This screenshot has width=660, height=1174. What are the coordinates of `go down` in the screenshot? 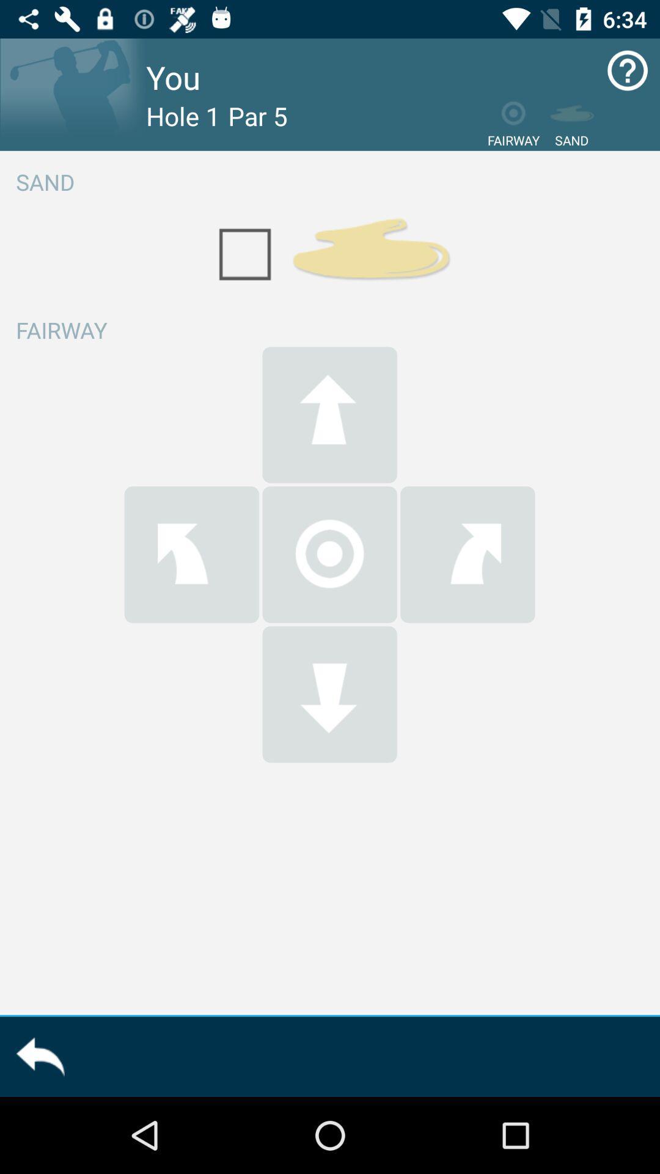 It's located at (329, 694).